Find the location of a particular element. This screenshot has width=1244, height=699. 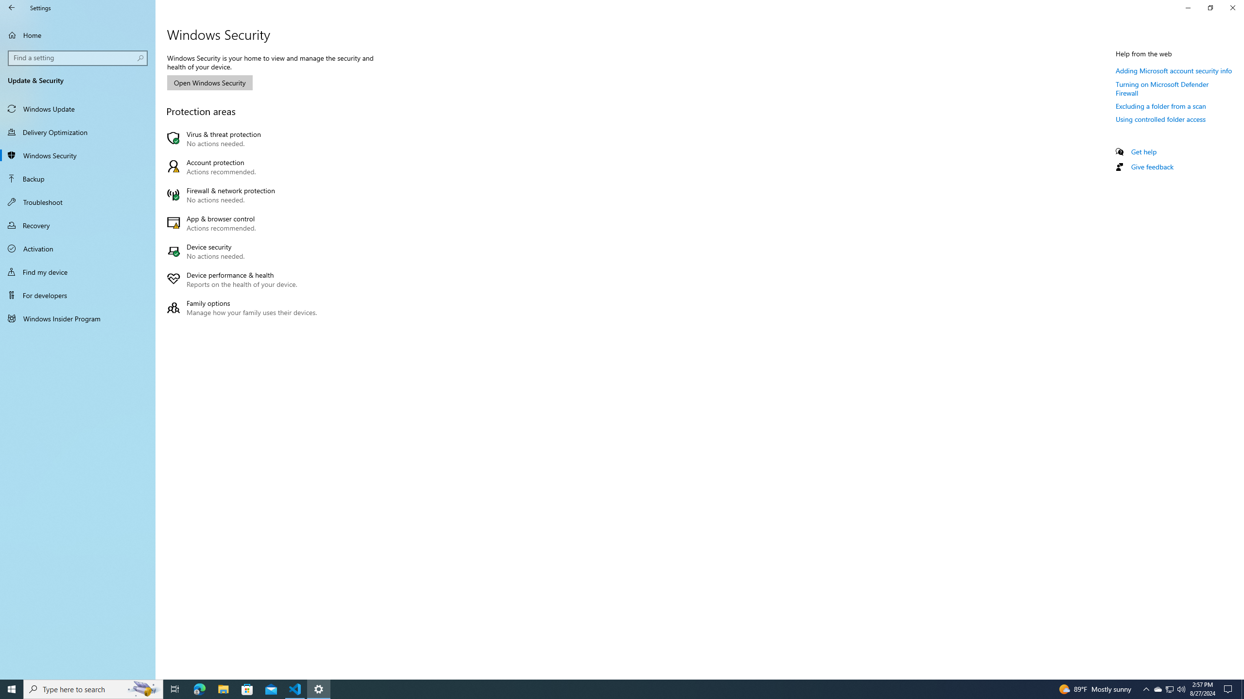

'Windows Security' is located at coordinates (77, 155).